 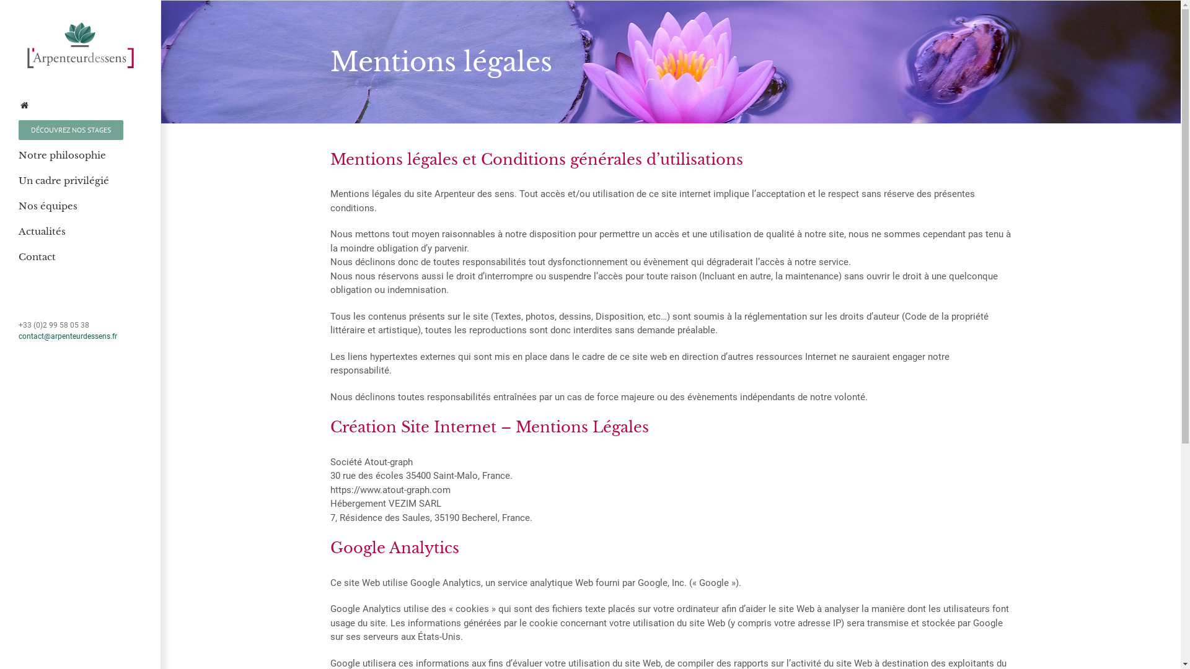 I want to click on 'Notre philosophie', so click(x=79, y=155).